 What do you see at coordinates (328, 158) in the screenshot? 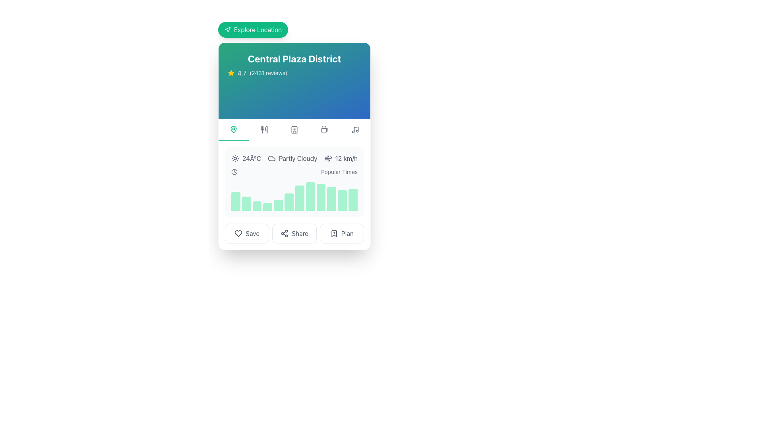
I see `the wind icon, represented by stylized lines indicating movement` at bounding box center [328, 158].